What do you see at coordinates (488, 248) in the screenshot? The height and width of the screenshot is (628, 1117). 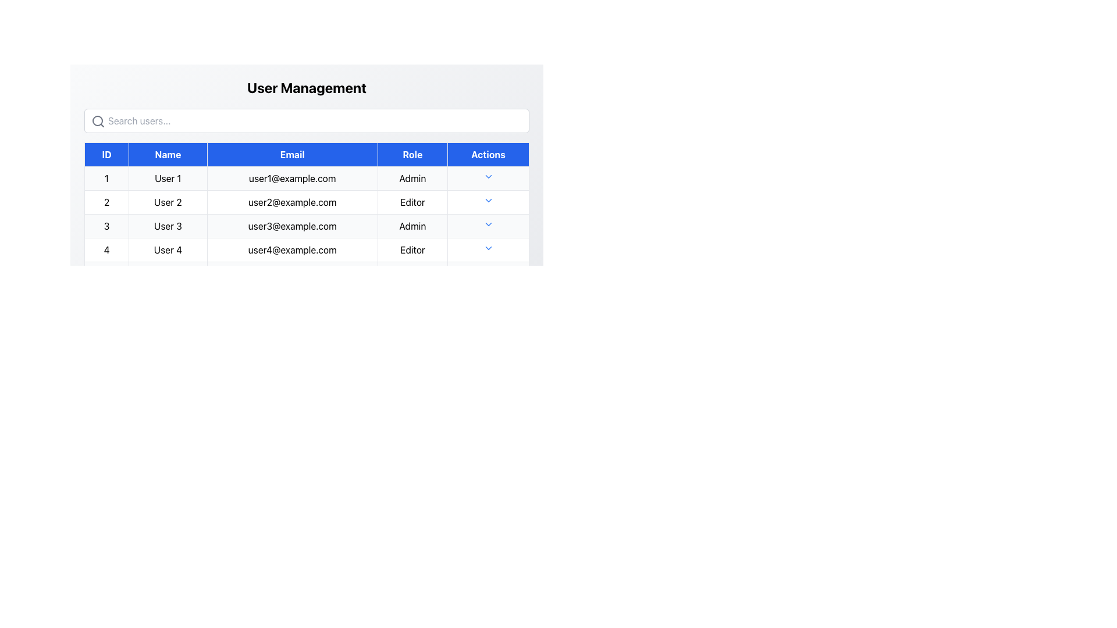 I see `the blue chevron-down icon button located in the 'Actions' column of the last row in the table` at bounding box center [488, 248].